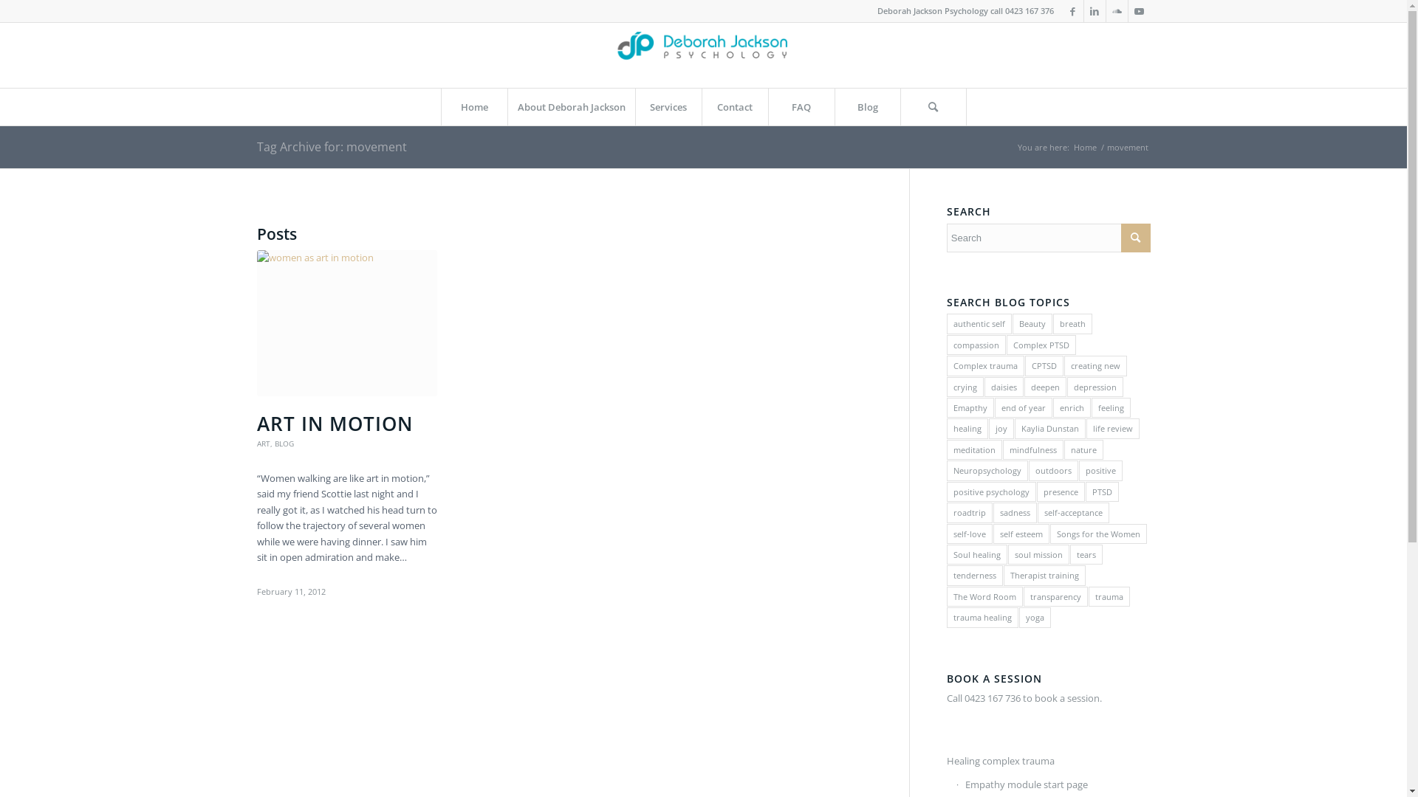 The height and width of the screenshot is (797, 1418). What do you see at coordinates (1034, 617) in the screenshot?
I see `'yoga'` at bounding box center [1034, 617].